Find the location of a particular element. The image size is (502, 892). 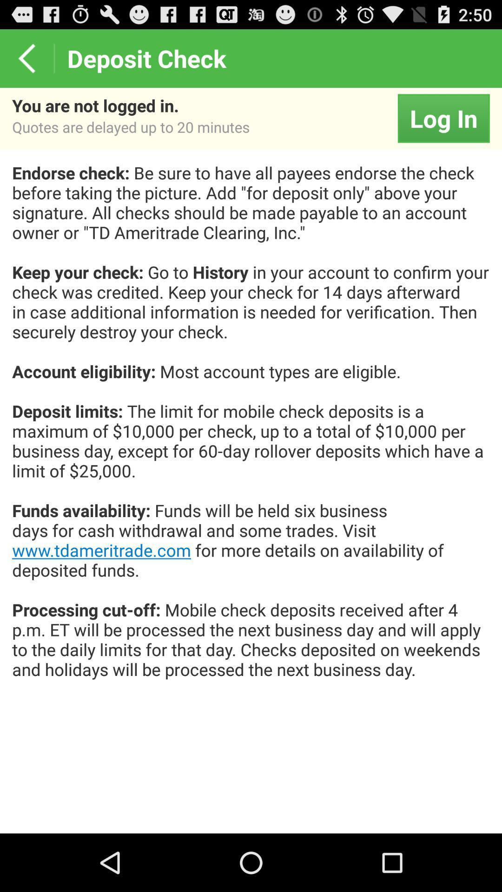

the icon below log in is located at coordinates (251, 430).